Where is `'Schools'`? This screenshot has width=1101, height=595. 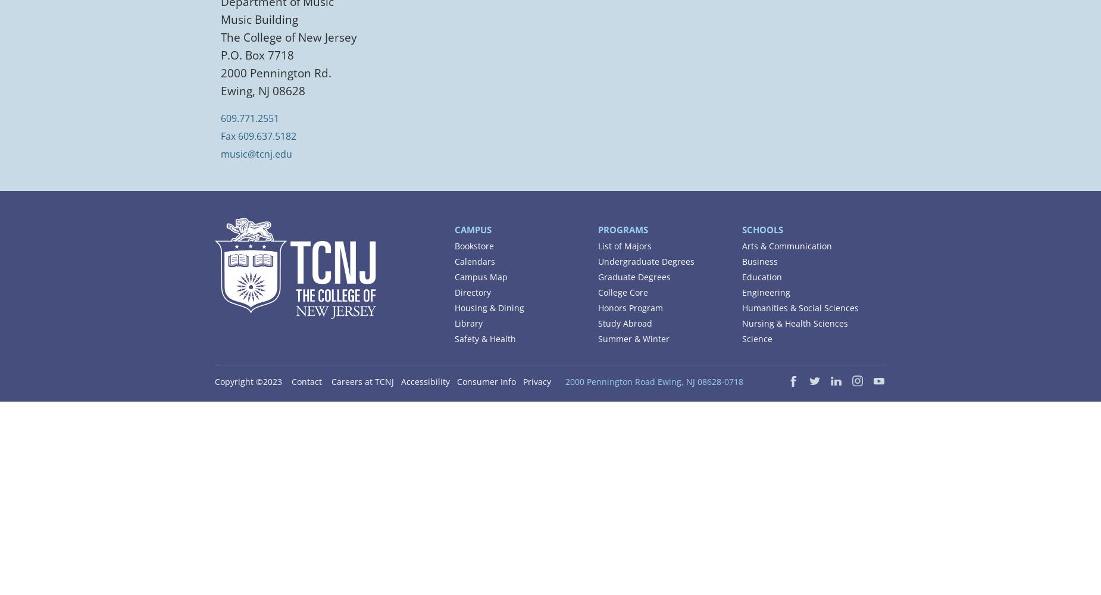 'Schools' is located at coordinates (761, 229).